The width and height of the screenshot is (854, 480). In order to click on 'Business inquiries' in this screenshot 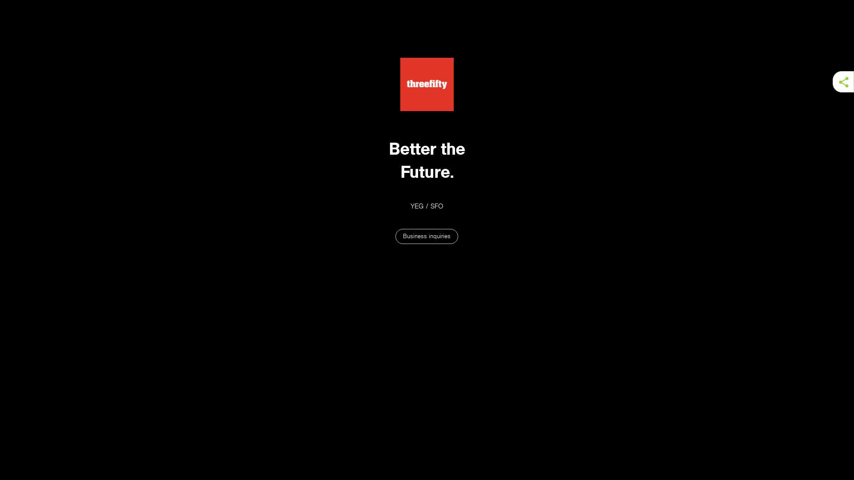, I will do `click(395, 236)`.